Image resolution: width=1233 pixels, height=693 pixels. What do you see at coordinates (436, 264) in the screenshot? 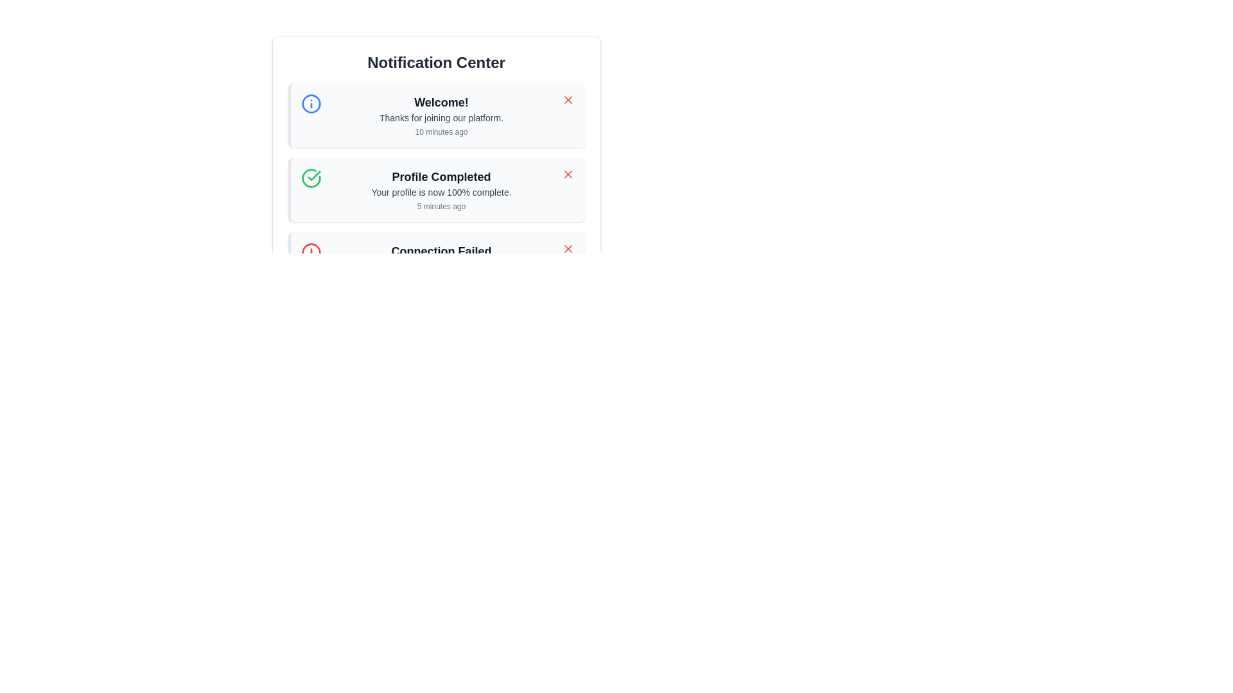
I see `notification box that informs the user of a connection failure, located at the bottom of the notification center` at bounding box center [436, 264].